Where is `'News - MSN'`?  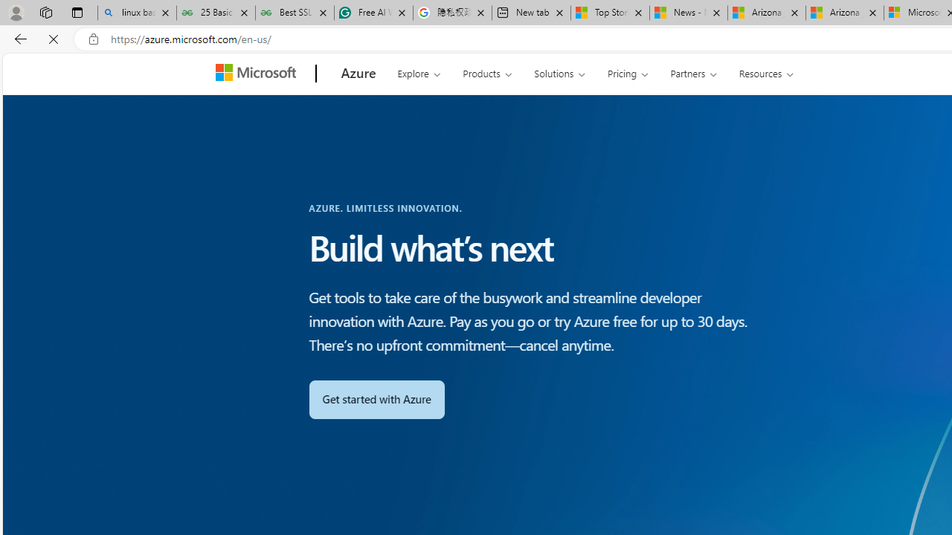
'News - MSN' is located at coordinates (688, 13).